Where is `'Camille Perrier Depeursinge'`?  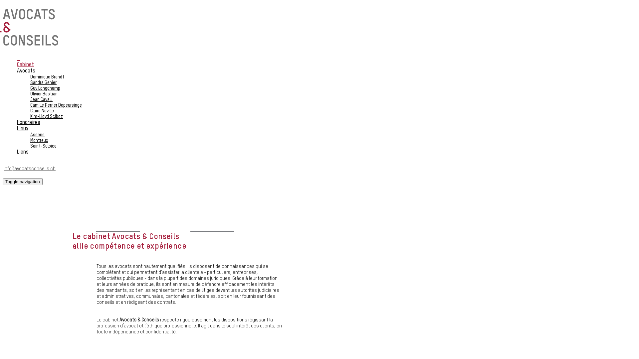 'Camille Perrier Depeursinge' is located at coordinates (56, 105).